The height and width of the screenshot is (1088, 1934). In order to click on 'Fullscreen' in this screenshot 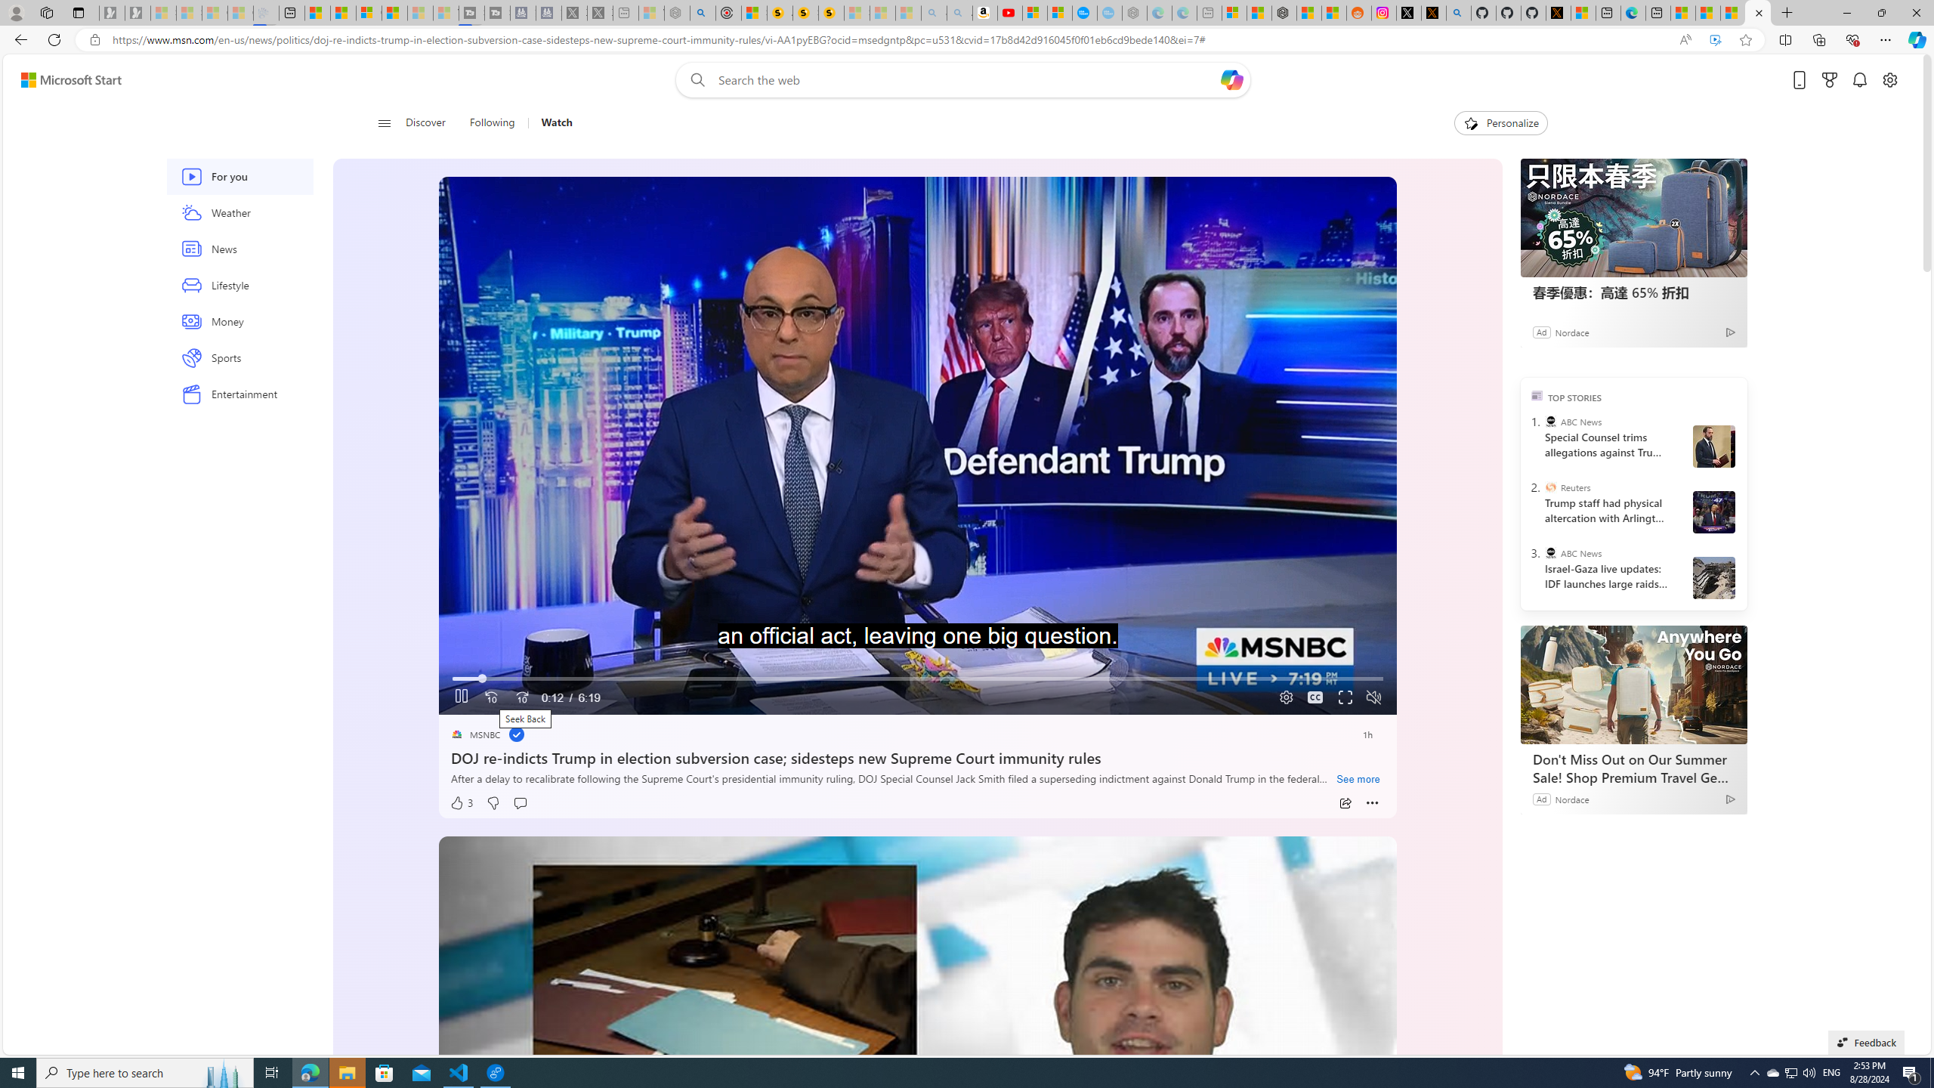, I will do `click(1345, 697)`.